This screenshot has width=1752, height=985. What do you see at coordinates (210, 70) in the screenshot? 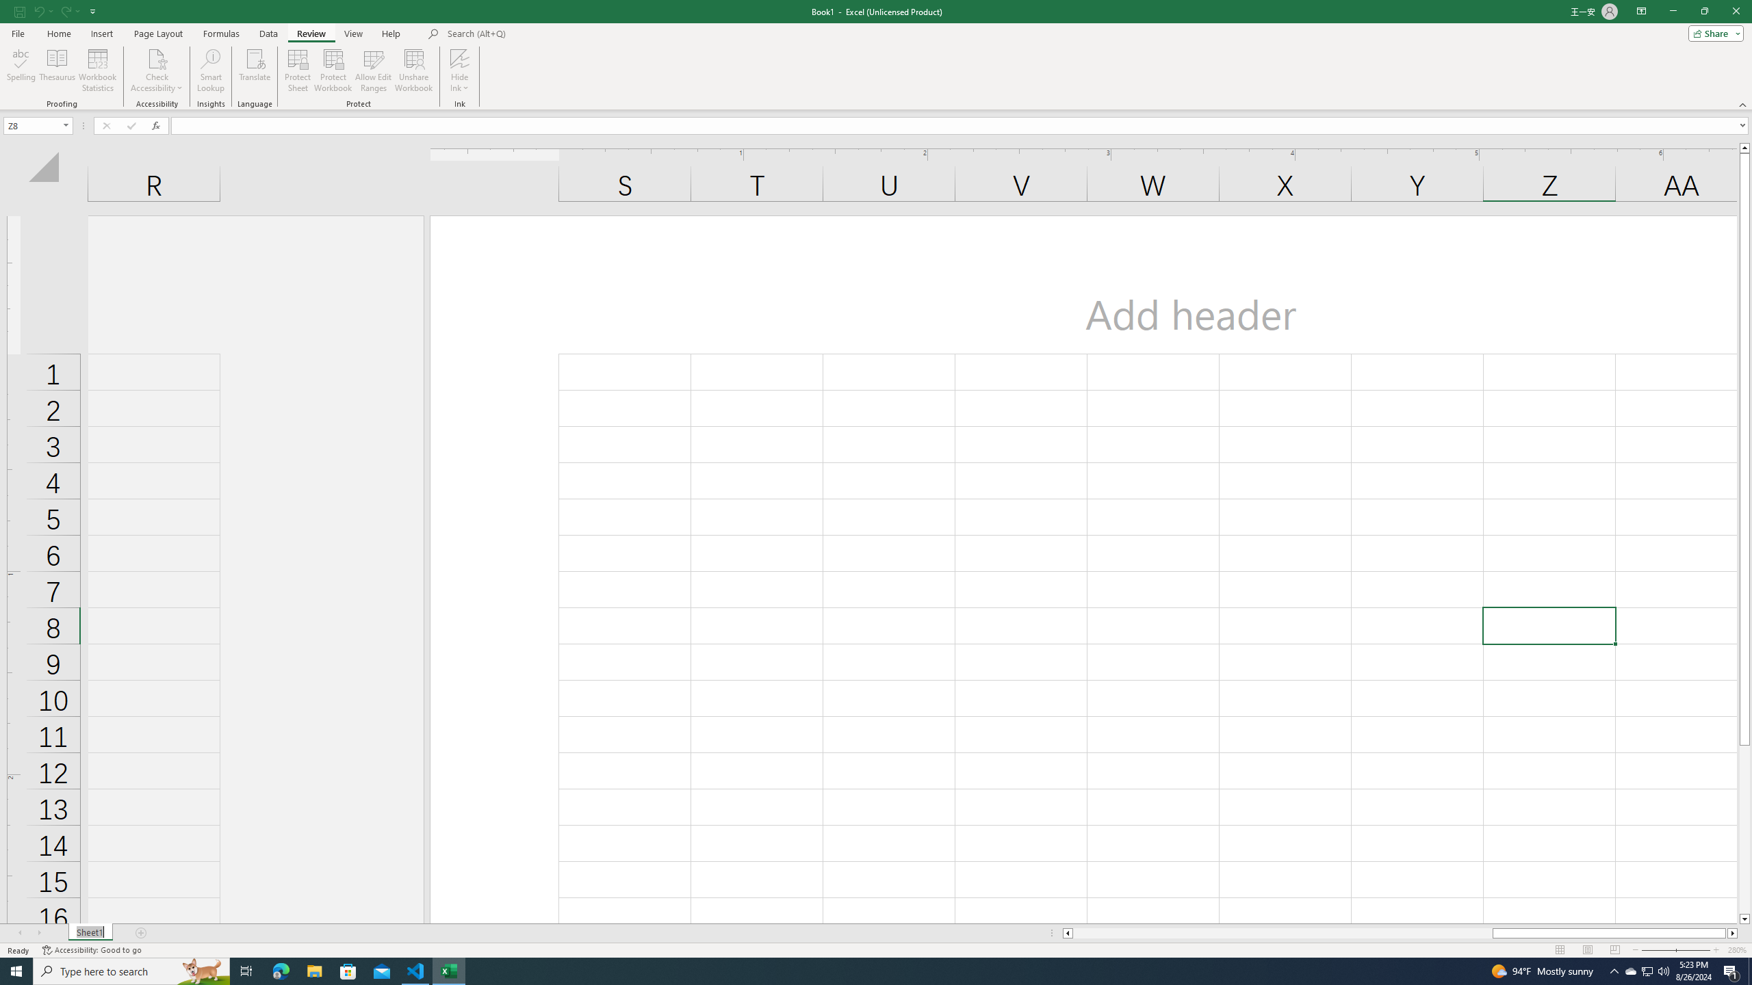
I see `'Smart Lookup'` at bounding box center [210, 70].